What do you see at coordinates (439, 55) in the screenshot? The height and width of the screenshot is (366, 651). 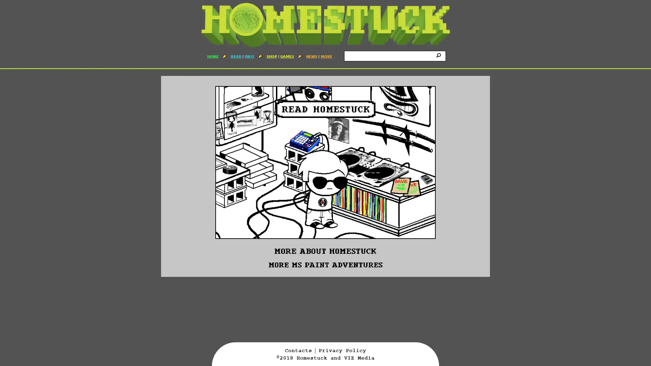 I see `i` at bounding box center [439, 55].